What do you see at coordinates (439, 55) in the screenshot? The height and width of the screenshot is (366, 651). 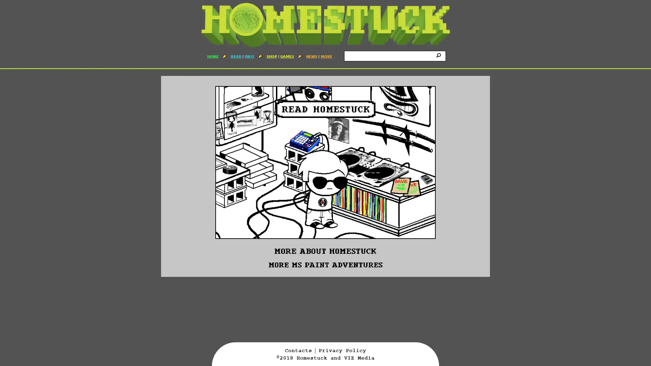 I see `i` at bounding box center [439, 55].